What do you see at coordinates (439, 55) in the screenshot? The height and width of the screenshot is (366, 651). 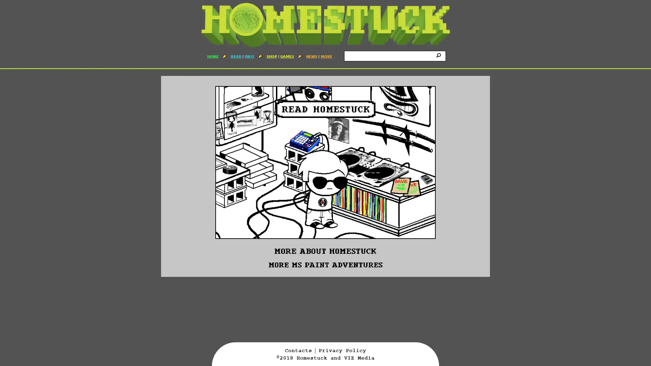 I see `i` at bounding box center [439, 55].